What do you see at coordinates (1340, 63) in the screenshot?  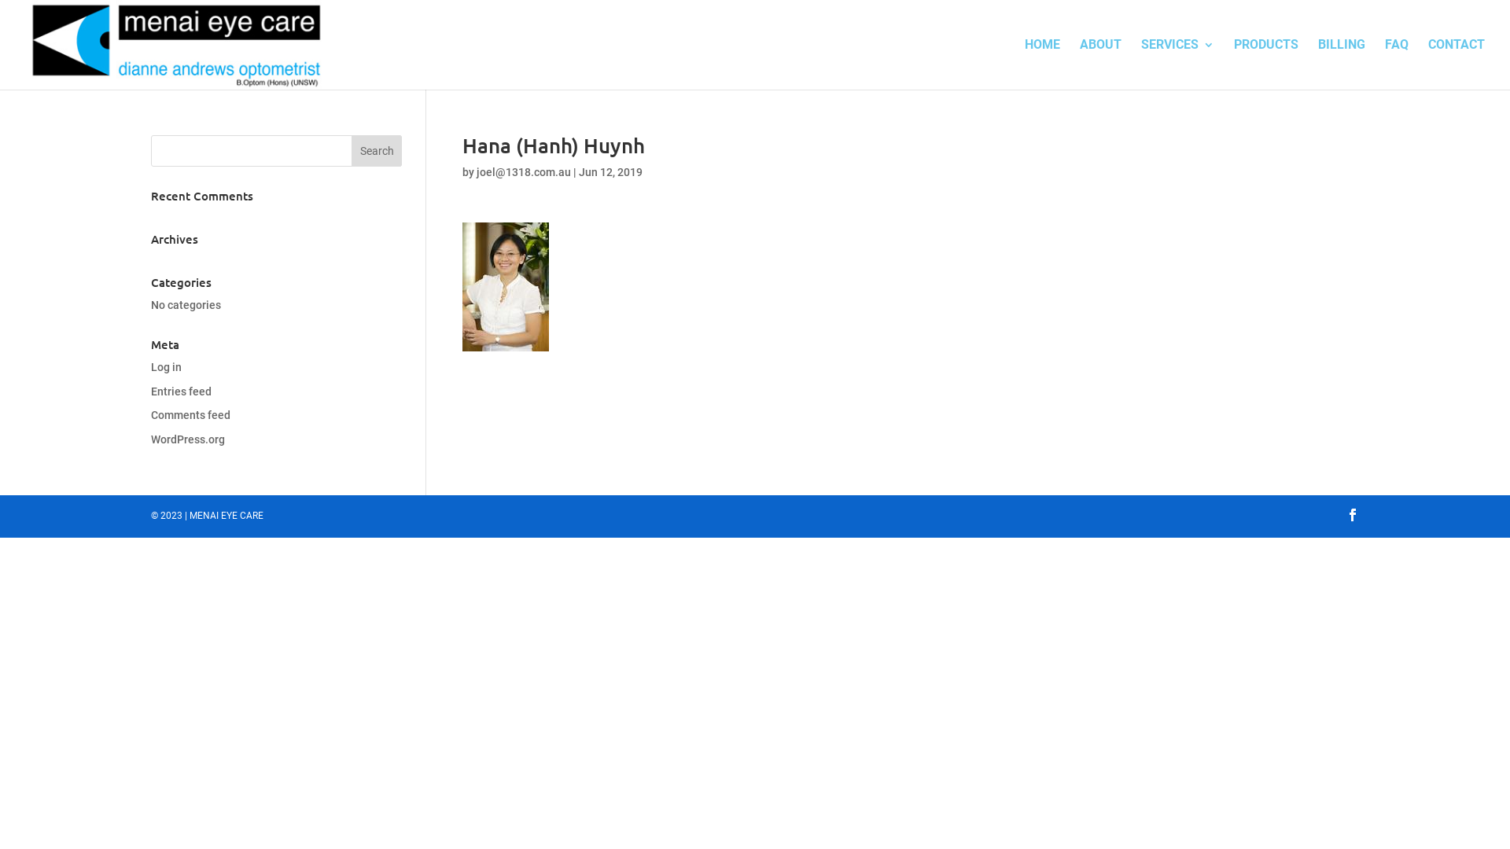 I see `'BILLING'` at bounding box center [1340, 63].